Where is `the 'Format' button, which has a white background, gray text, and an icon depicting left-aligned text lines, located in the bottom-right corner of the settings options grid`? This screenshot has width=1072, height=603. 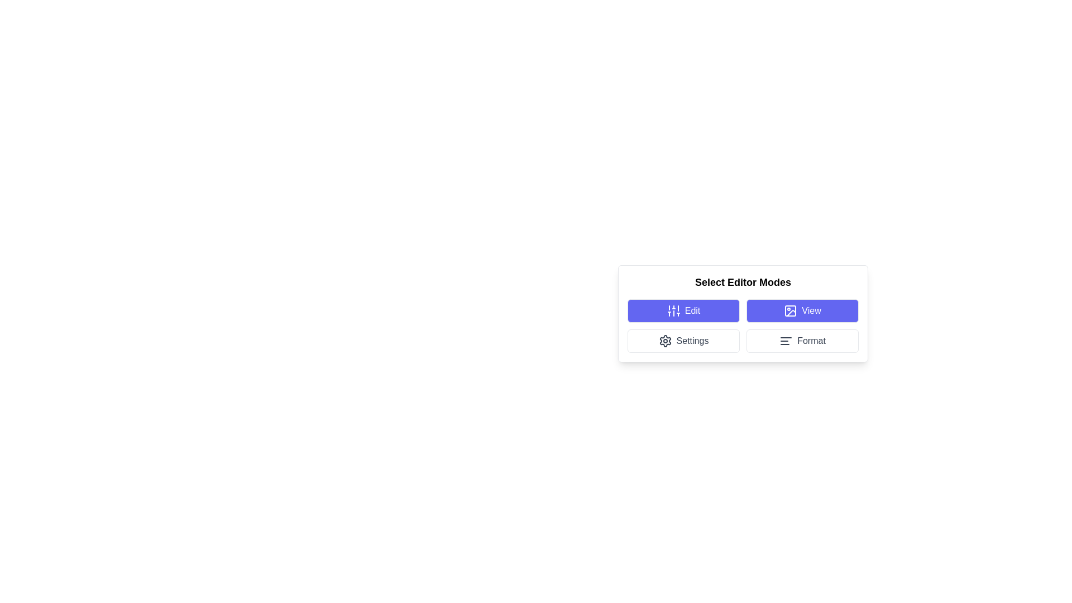 the 'Format' button, which has a white background, gray text, and an icon depicting left-aligned text lines, located in the bottom-right corner of the settings options grid is located at coordinates (802, 340).